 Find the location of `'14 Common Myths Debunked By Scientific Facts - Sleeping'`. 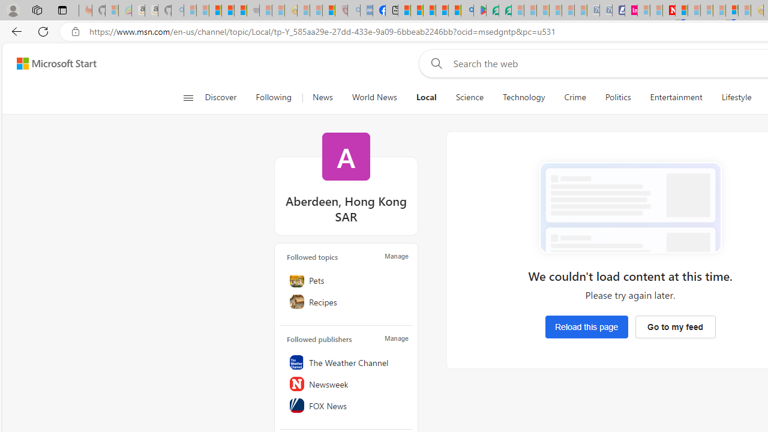

'14 Common Myths Debunked By Scientific Facts - Sleeping' is located at coordinates (694, 10).